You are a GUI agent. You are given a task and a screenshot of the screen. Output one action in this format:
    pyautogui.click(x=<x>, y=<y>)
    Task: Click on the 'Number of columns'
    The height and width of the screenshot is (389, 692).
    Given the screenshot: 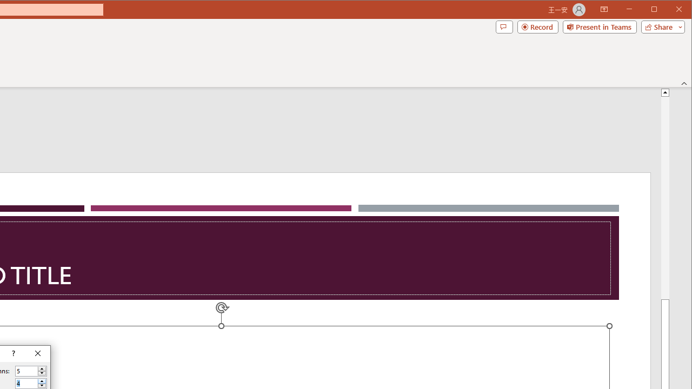 What is the action you would take?
    pyautogui.click(x=31, y=370)
    